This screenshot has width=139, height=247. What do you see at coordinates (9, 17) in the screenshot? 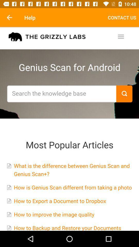
I see `the item to the left of help item` at bounding box center [9, 17].